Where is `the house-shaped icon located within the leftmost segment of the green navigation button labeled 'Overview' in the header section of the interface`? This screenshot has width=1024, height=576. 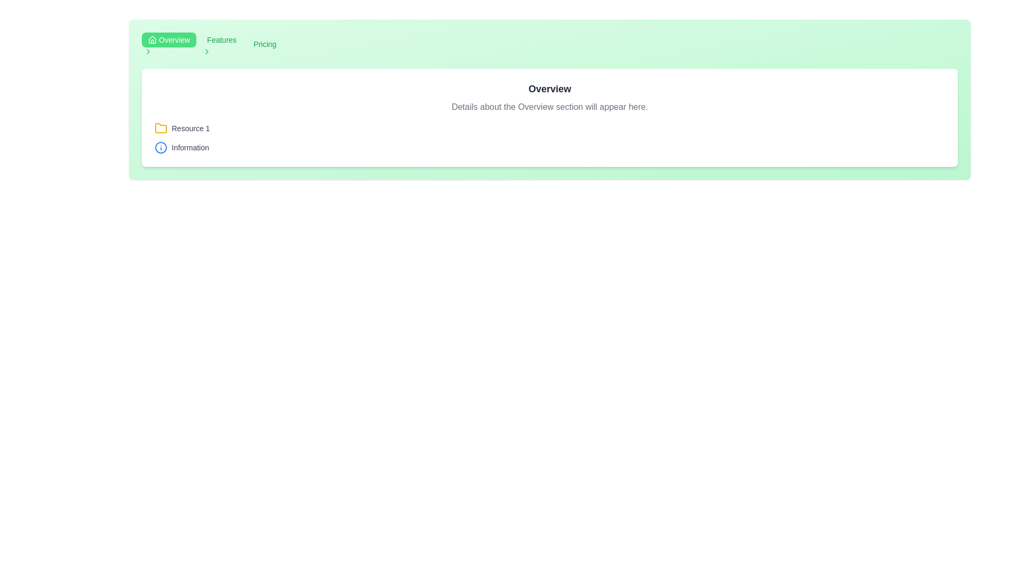 the house-shaped icon located within the leftmost segment of the green navigation button labeled 'Overview' in the header section of the interface is located at coordinates (152, 39).